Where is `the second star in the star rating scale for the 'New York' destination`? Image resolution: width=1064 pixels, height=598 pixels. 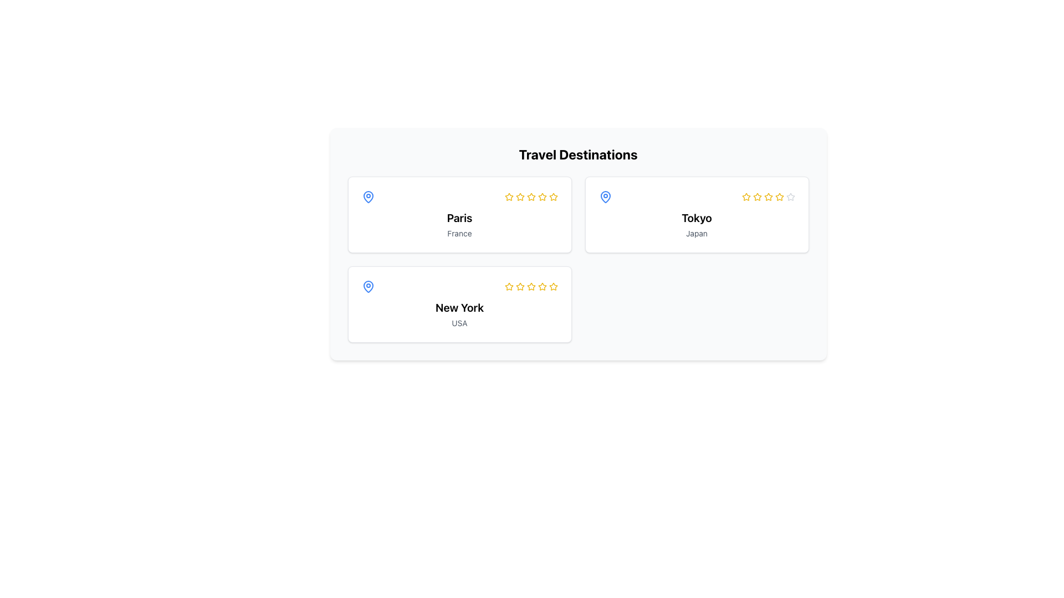 the second star in the star rating scale for the 'New York' destination is located at coordinates (519, 286).